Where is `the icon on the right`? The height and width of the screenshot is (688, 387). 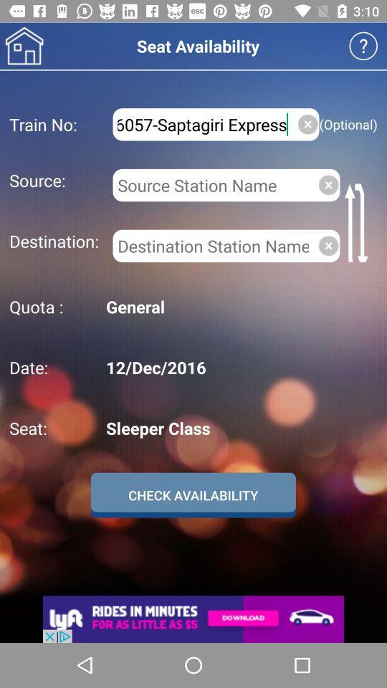 the icon on the right is located at coordinates (328, 246).